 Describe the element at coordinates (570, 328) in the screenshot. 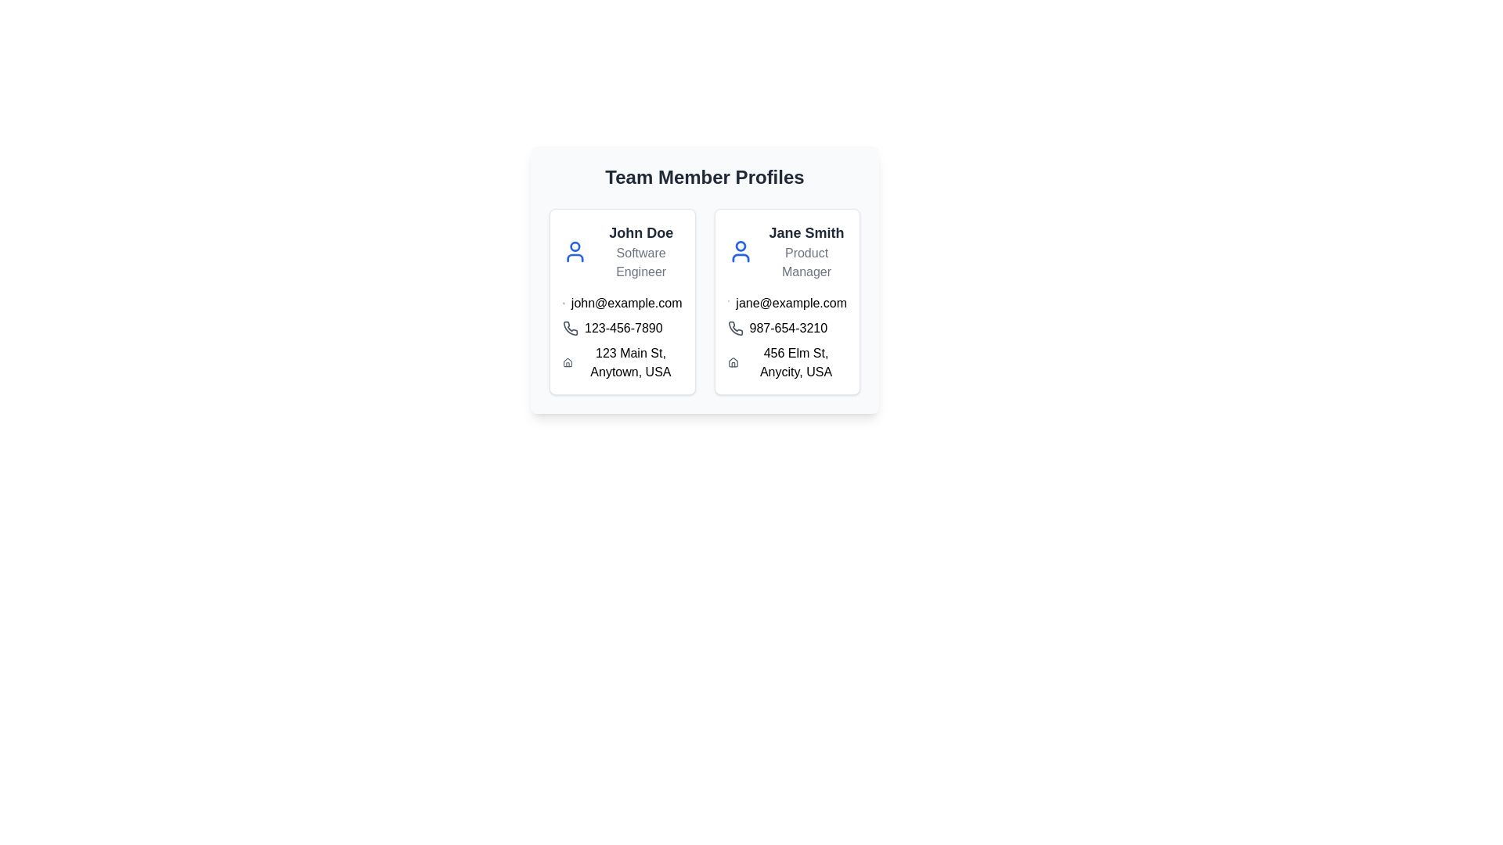

I see `the phone receiver icon representing John Doe's contact details, which is positioned to the left of the phone number '123-456-7890'` at that location.